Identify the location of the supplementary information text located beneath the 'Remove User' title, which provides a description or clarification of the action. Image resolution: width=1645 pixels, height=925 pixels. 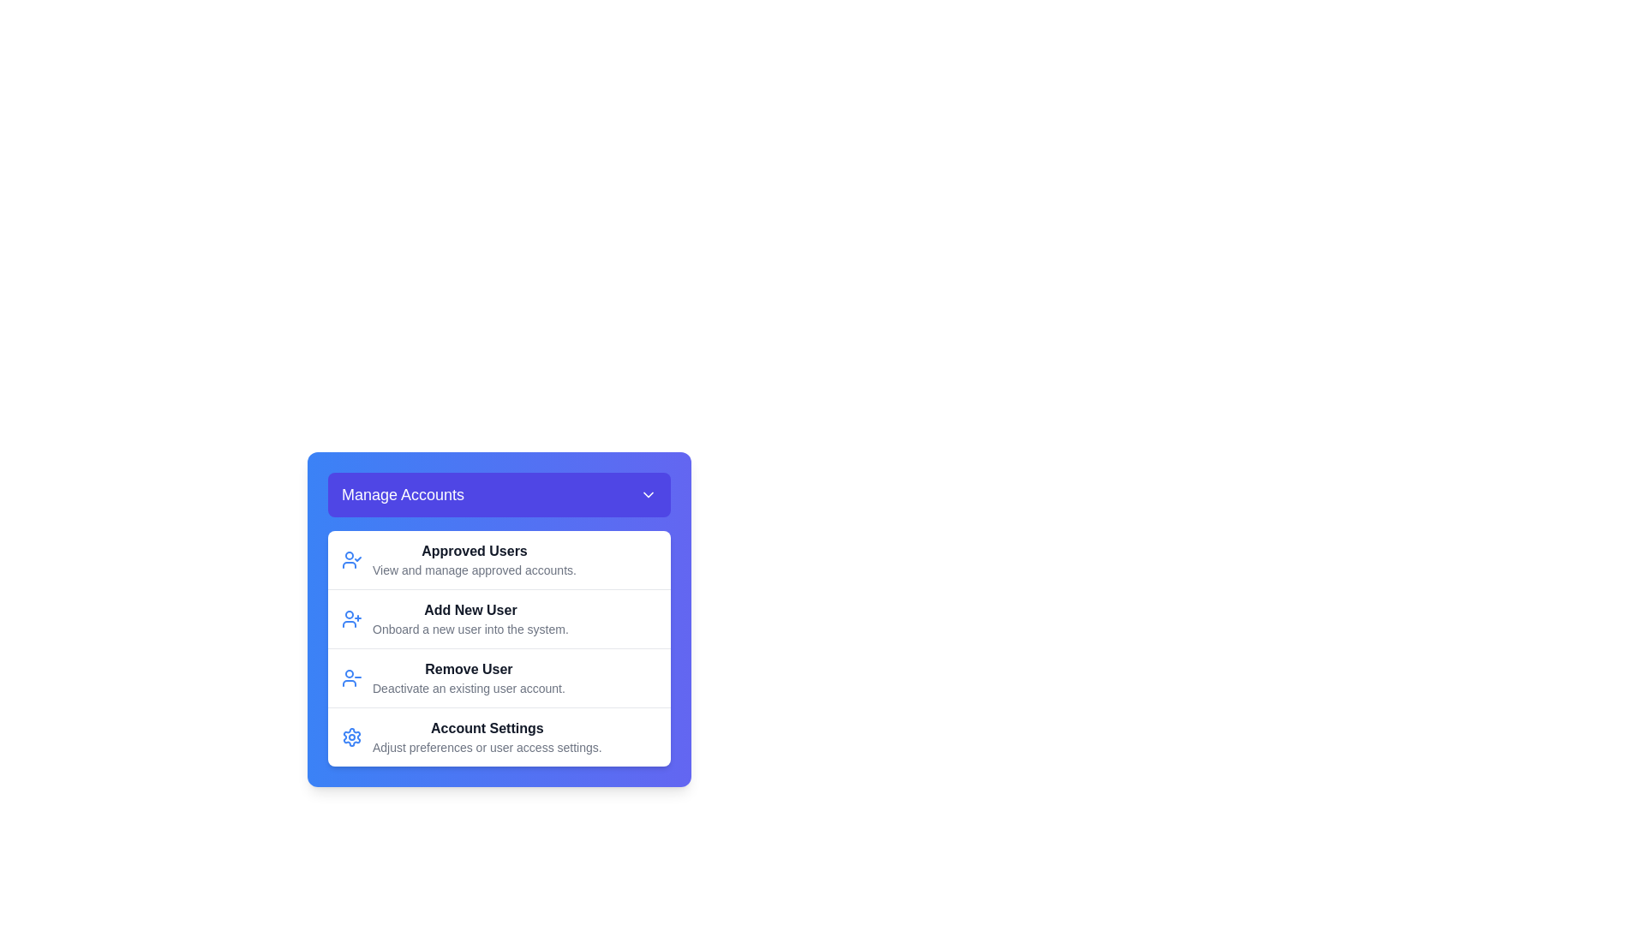
(469, 687).